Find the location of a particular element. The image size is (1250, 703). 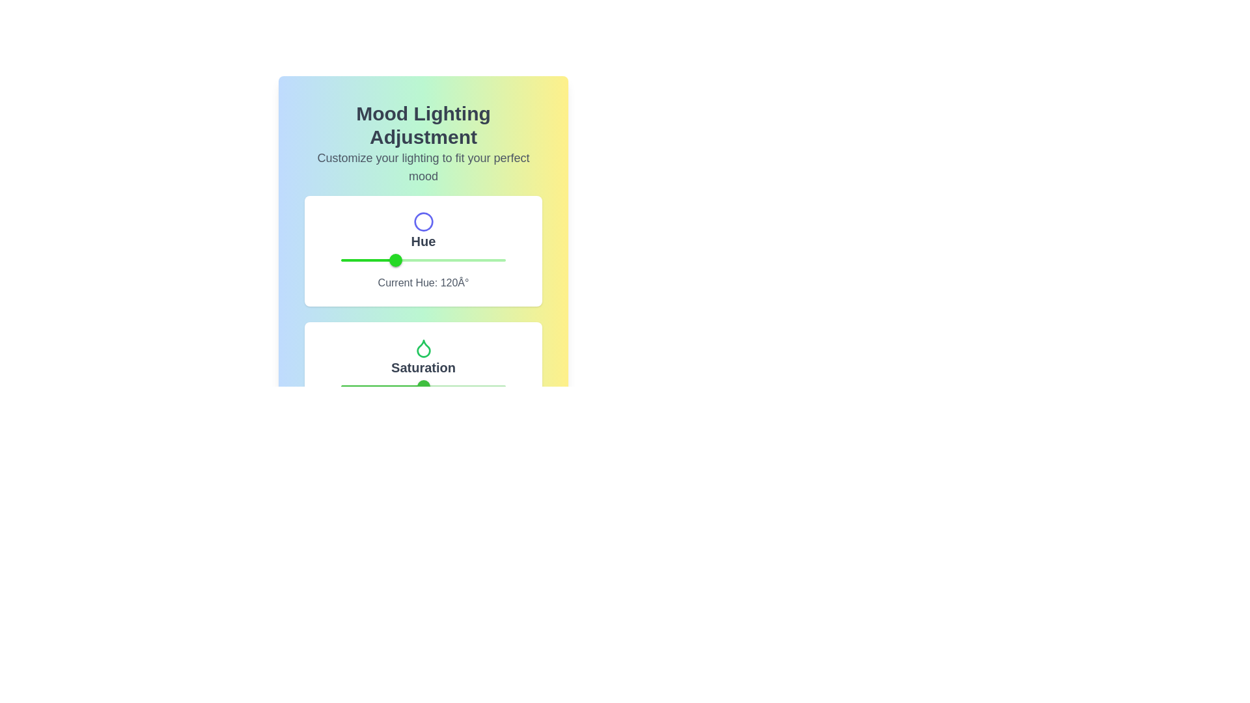

the hue is located at coordinates (361, 260).